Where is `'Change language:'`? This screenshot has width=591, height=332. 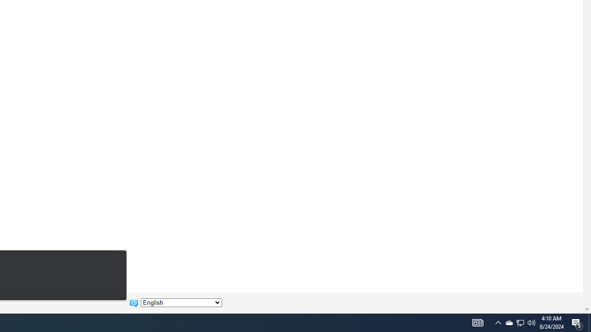
'Change language:' is located at coordinates (181, 302).